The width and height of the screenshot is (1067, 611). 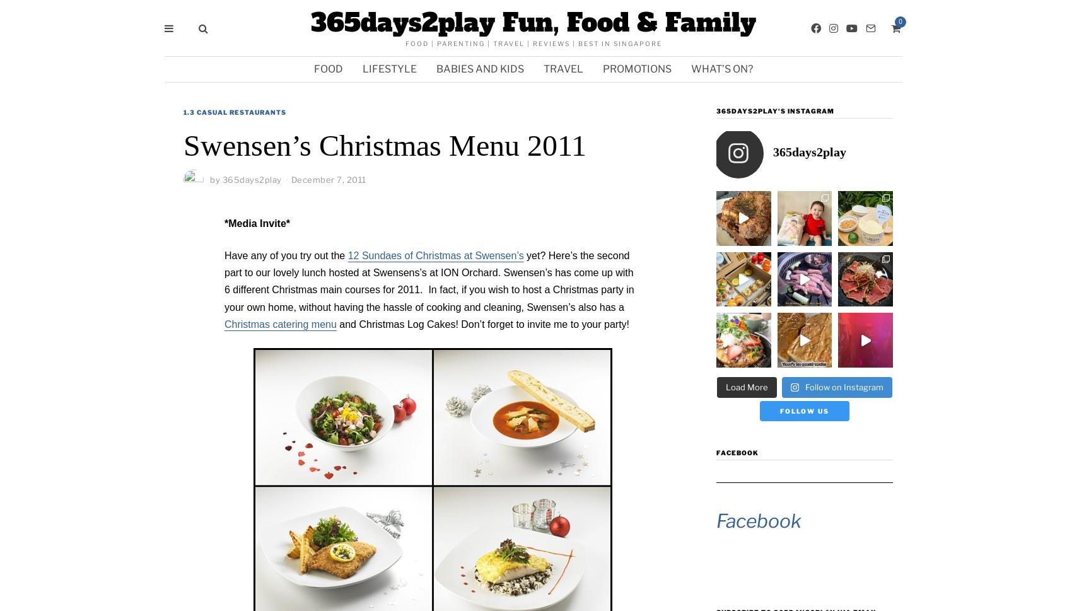 I want to click on 'Follow on Instagram', so click(x=844, y=385).